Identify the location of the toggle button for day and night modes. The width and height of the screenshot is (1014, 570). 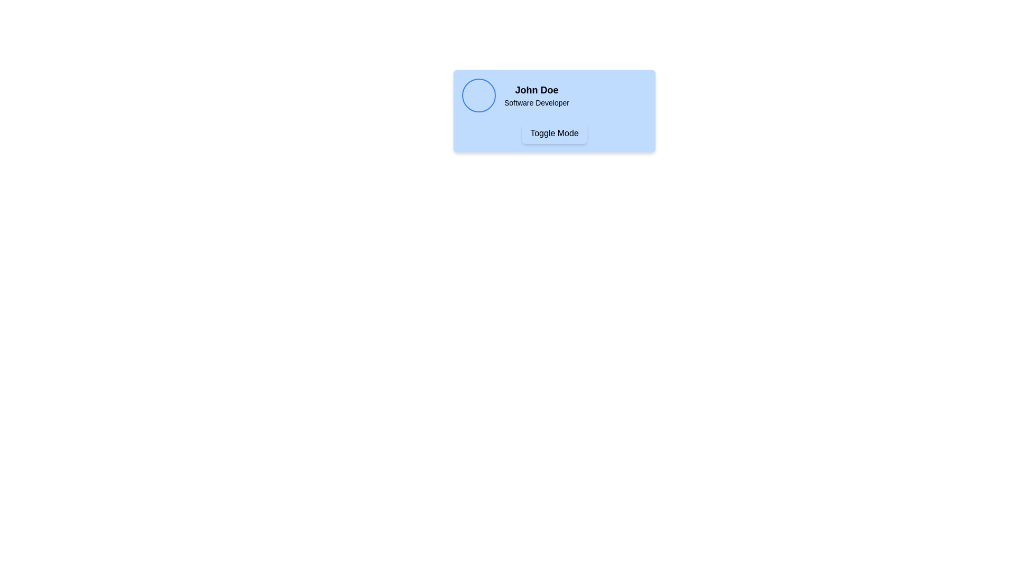
(554, 133).